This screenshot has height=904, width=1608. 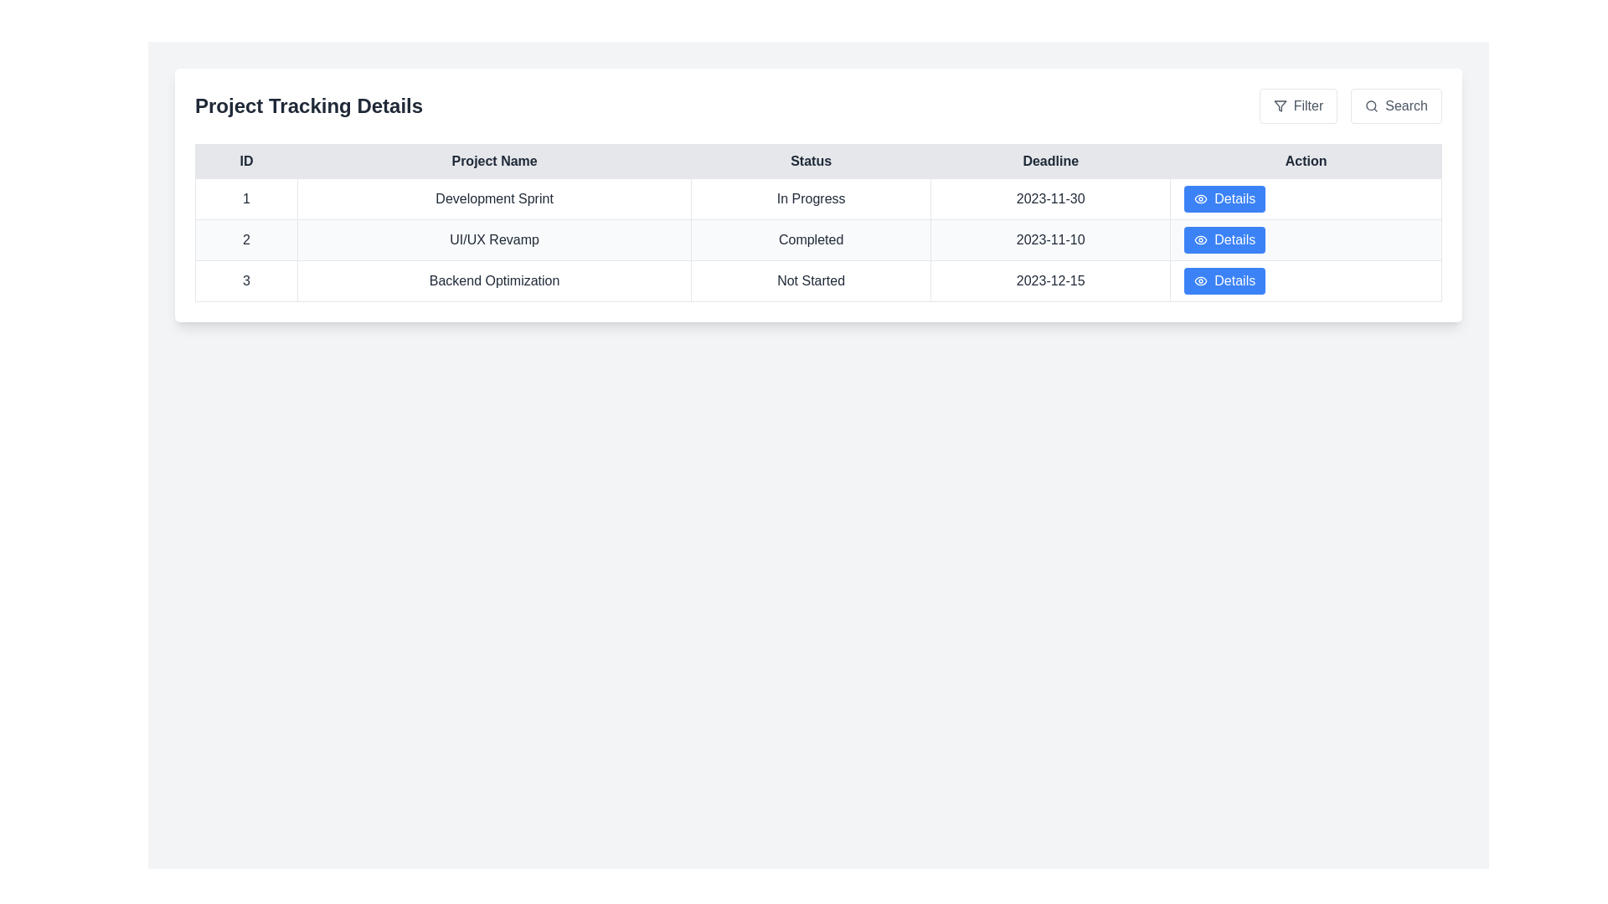 What do you see at coordinates (493, 280) in the screenshot?
I see `the table cell containing the text 'Backend Optimization', which is the second cell in row ID '3' of the 'Project Name' column` at bounding box center [493, 280].